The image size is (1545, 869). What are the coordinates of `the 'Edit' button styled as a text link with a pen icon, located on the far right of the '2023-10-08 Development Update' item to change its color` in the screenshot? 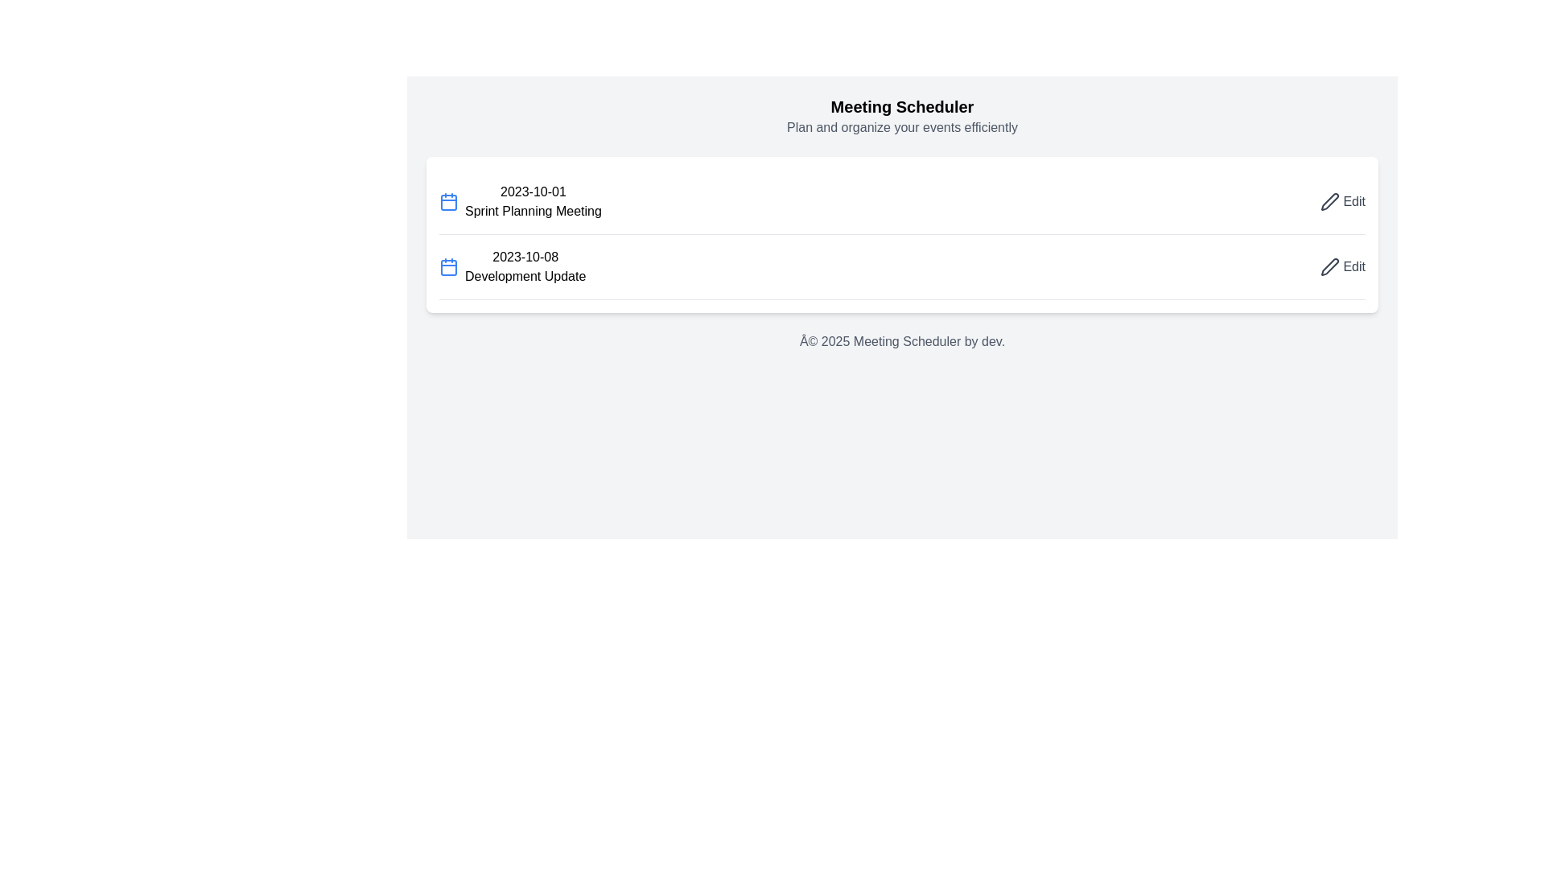 It's located at (1343, 266).